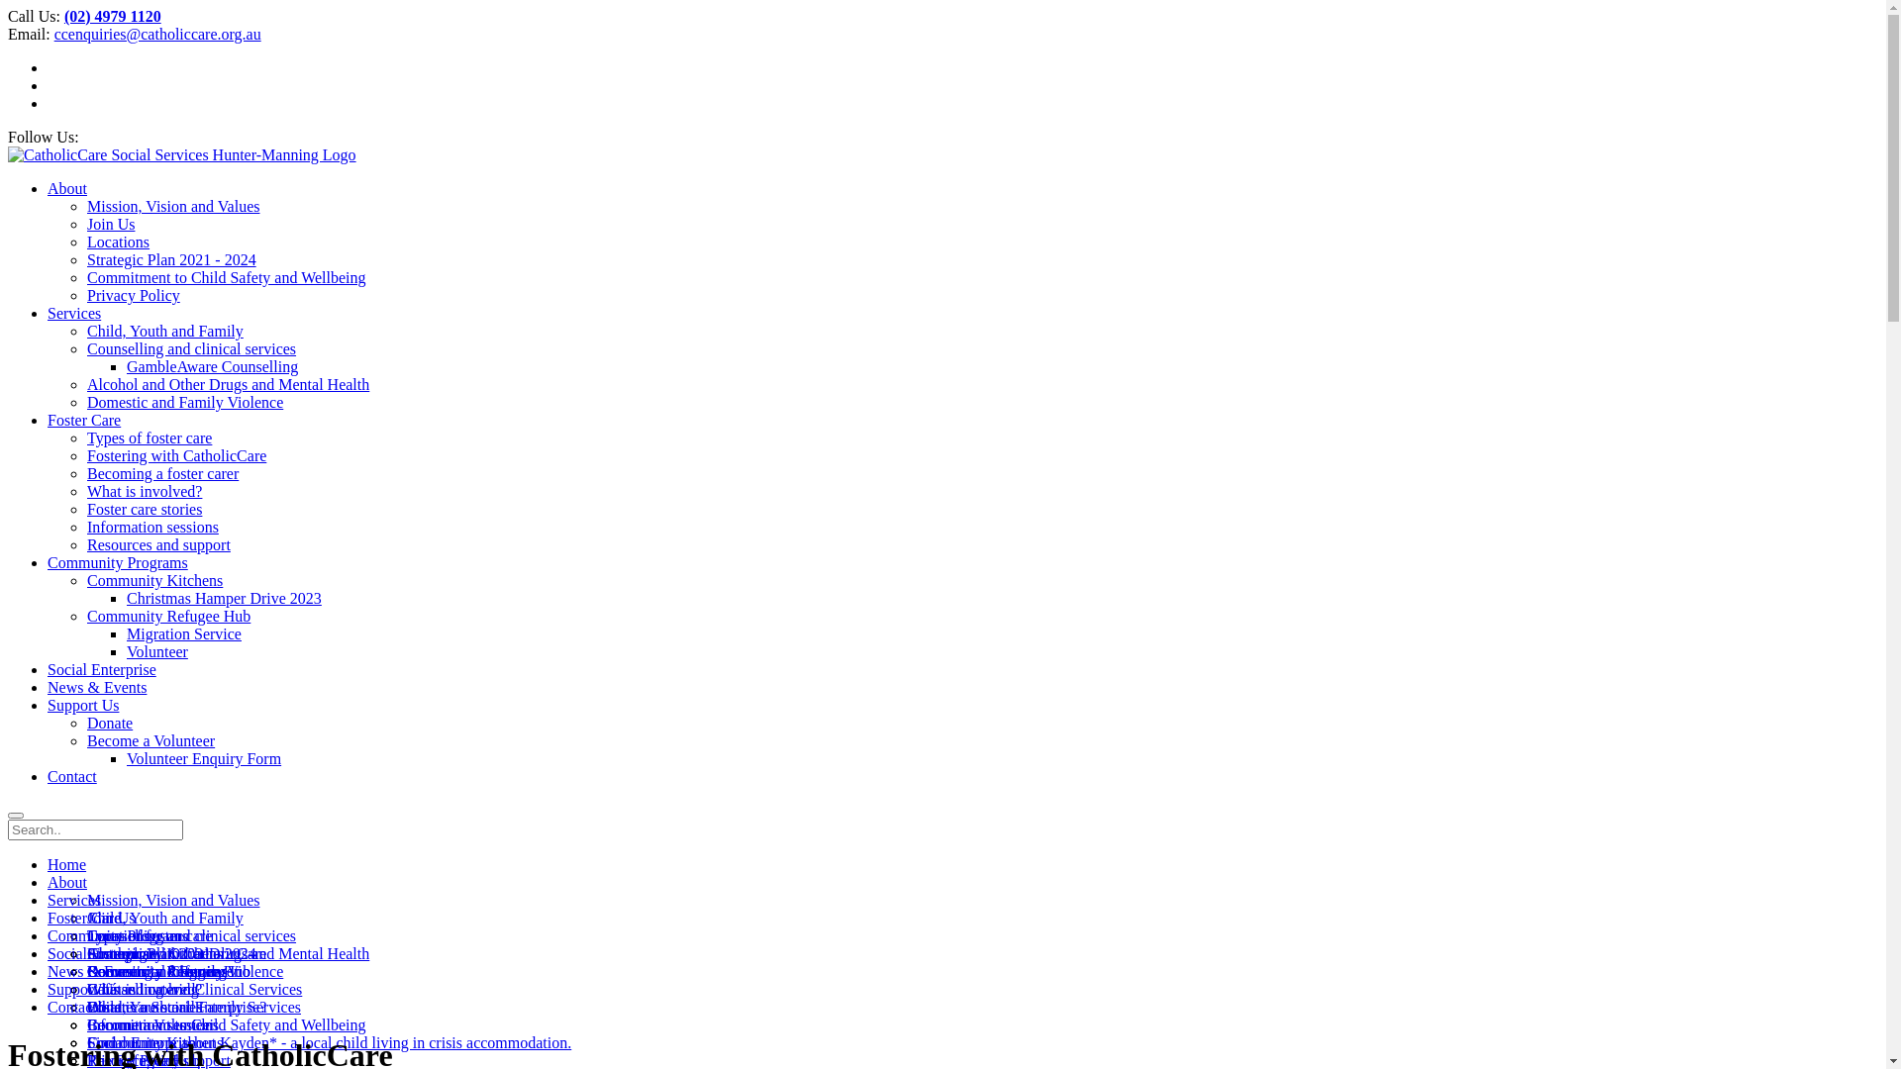 The image size is (1901, 1069). Describe the element at coordinates (185, 970) in the screenshot. I see `'Domestic and Family Violence'` at that location.